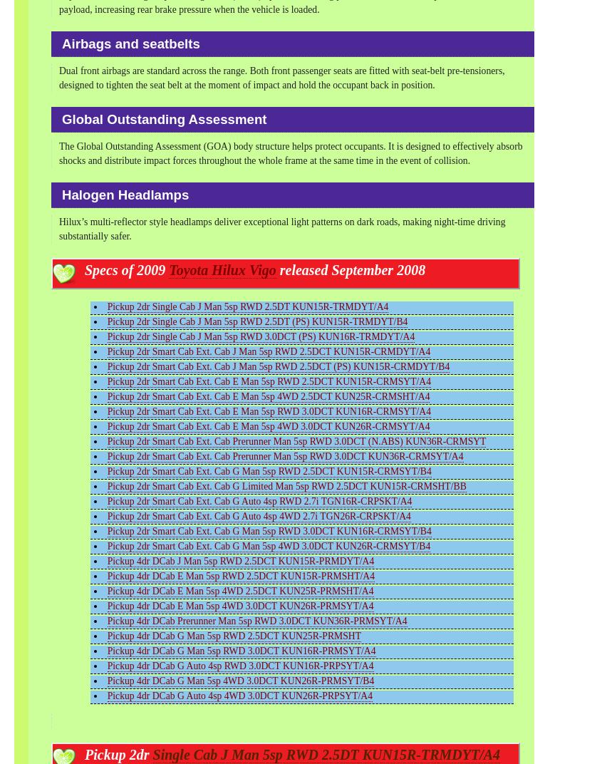 This screenshot has height=764, width=602. What do you see at coordinates (106, 560) in the screenshot?
I see `'Pickup 4dr DCab J Man 5sp RWD 2.5DCT KUN15R-PRMDYT/A4'` at bounding box center [106, 560].